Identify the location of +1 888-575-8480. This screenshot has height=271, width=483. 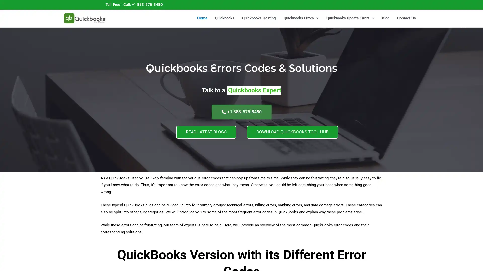
(241, 111).